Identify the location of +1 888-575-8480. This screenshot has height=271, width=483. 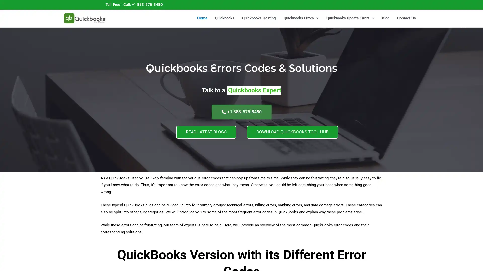
(241, 111).